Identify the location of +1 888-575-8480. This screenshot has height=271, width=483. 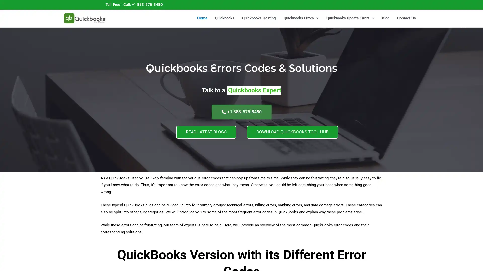
(241, 111).